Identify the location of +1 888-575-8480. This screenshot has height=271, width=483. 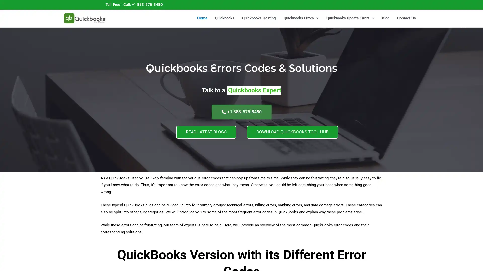
(241, 111).